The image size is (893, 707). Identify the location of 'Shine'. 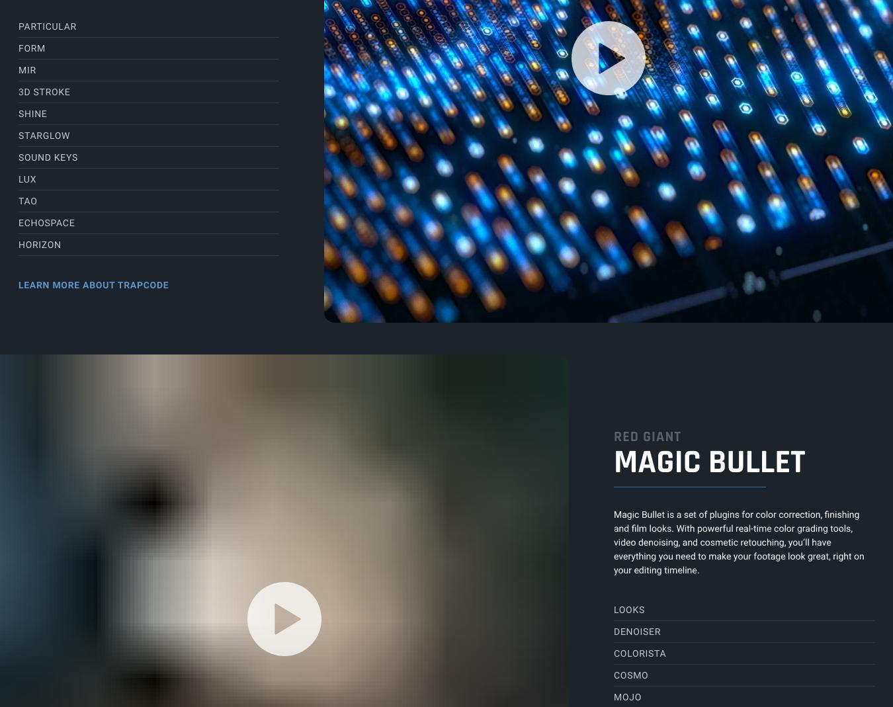
(17, 114).